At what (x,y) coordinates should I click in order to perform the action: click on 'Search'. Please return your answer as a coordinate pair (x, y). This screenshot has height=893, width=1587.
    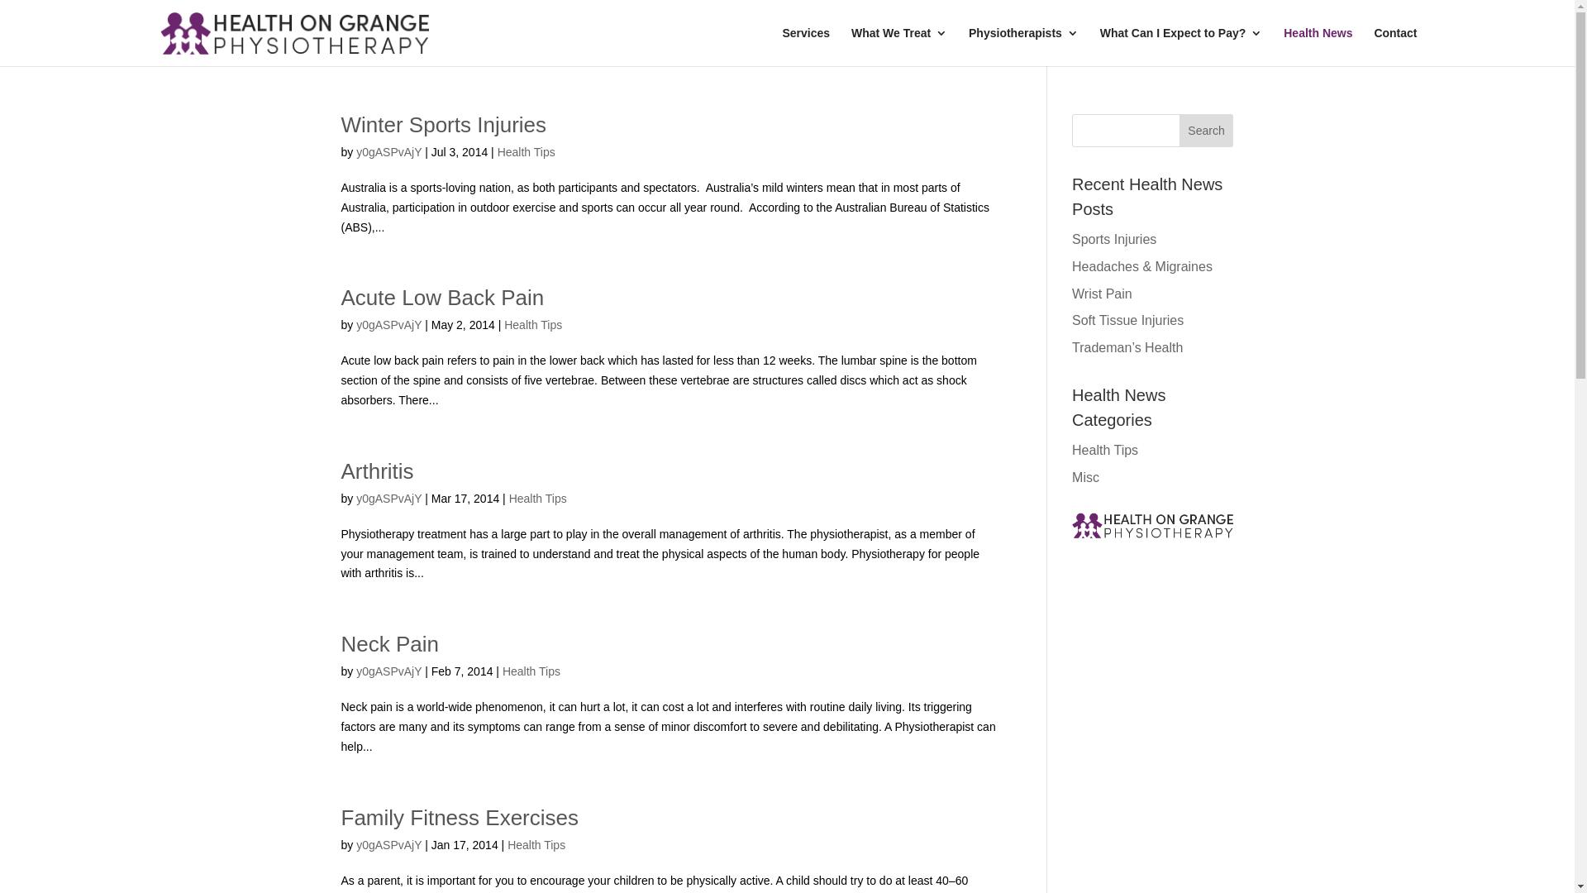
    Looking at the image, I should click on (1206, 130).